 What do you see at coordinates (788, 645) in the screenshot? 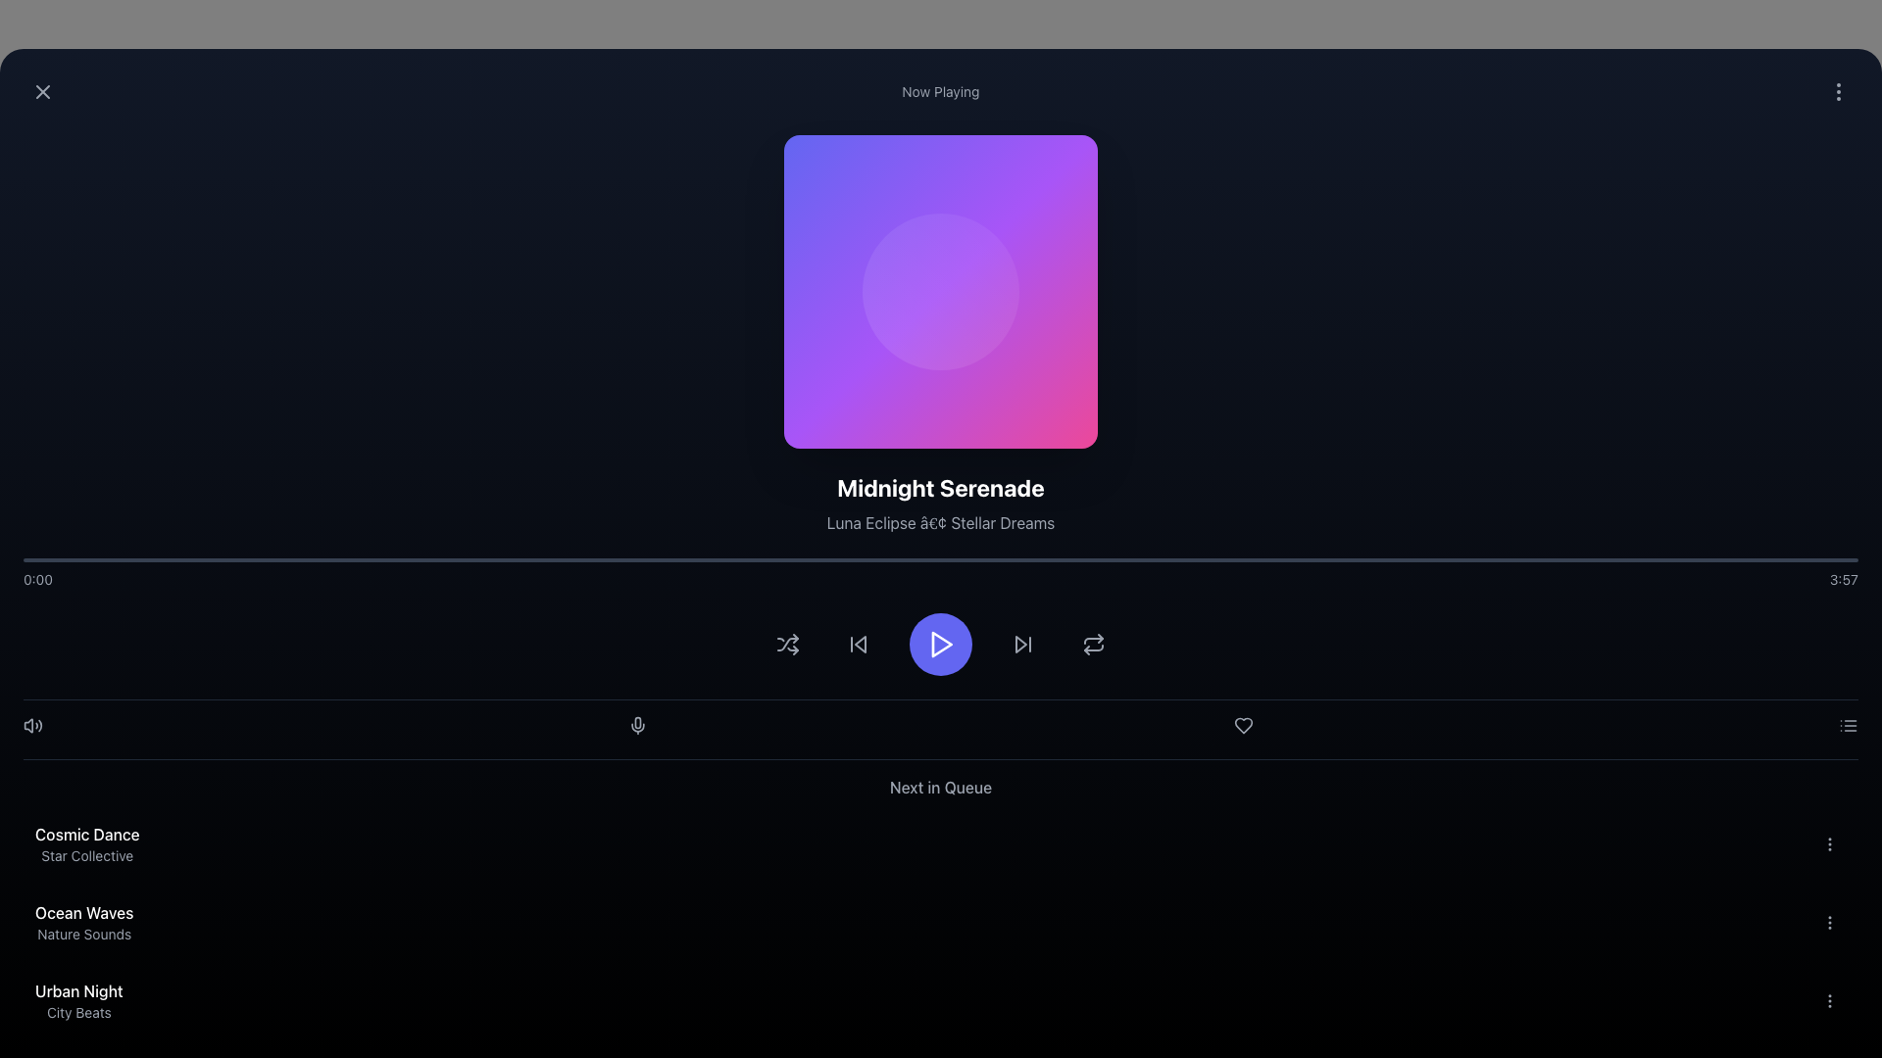
I see `the leftmost button in the playback controls` at bounding box center [788, 645].